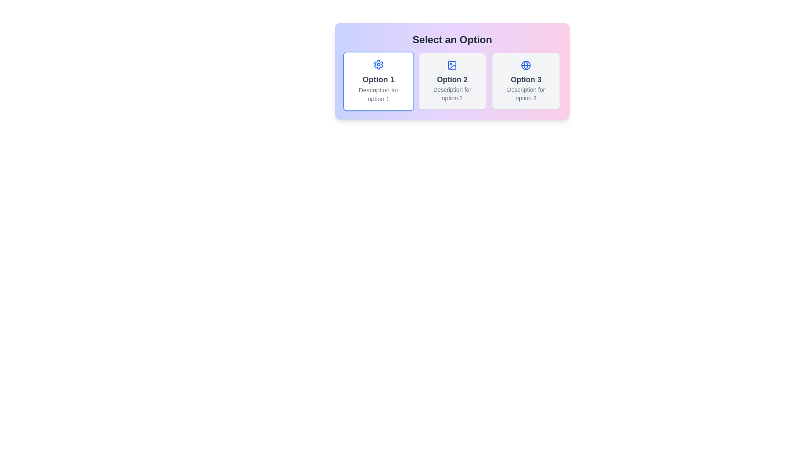  I want to click on the circular outline with a blue stroke within the globe icon, which is the third option in the horizontally arranged selection menu, so click(526, 65).